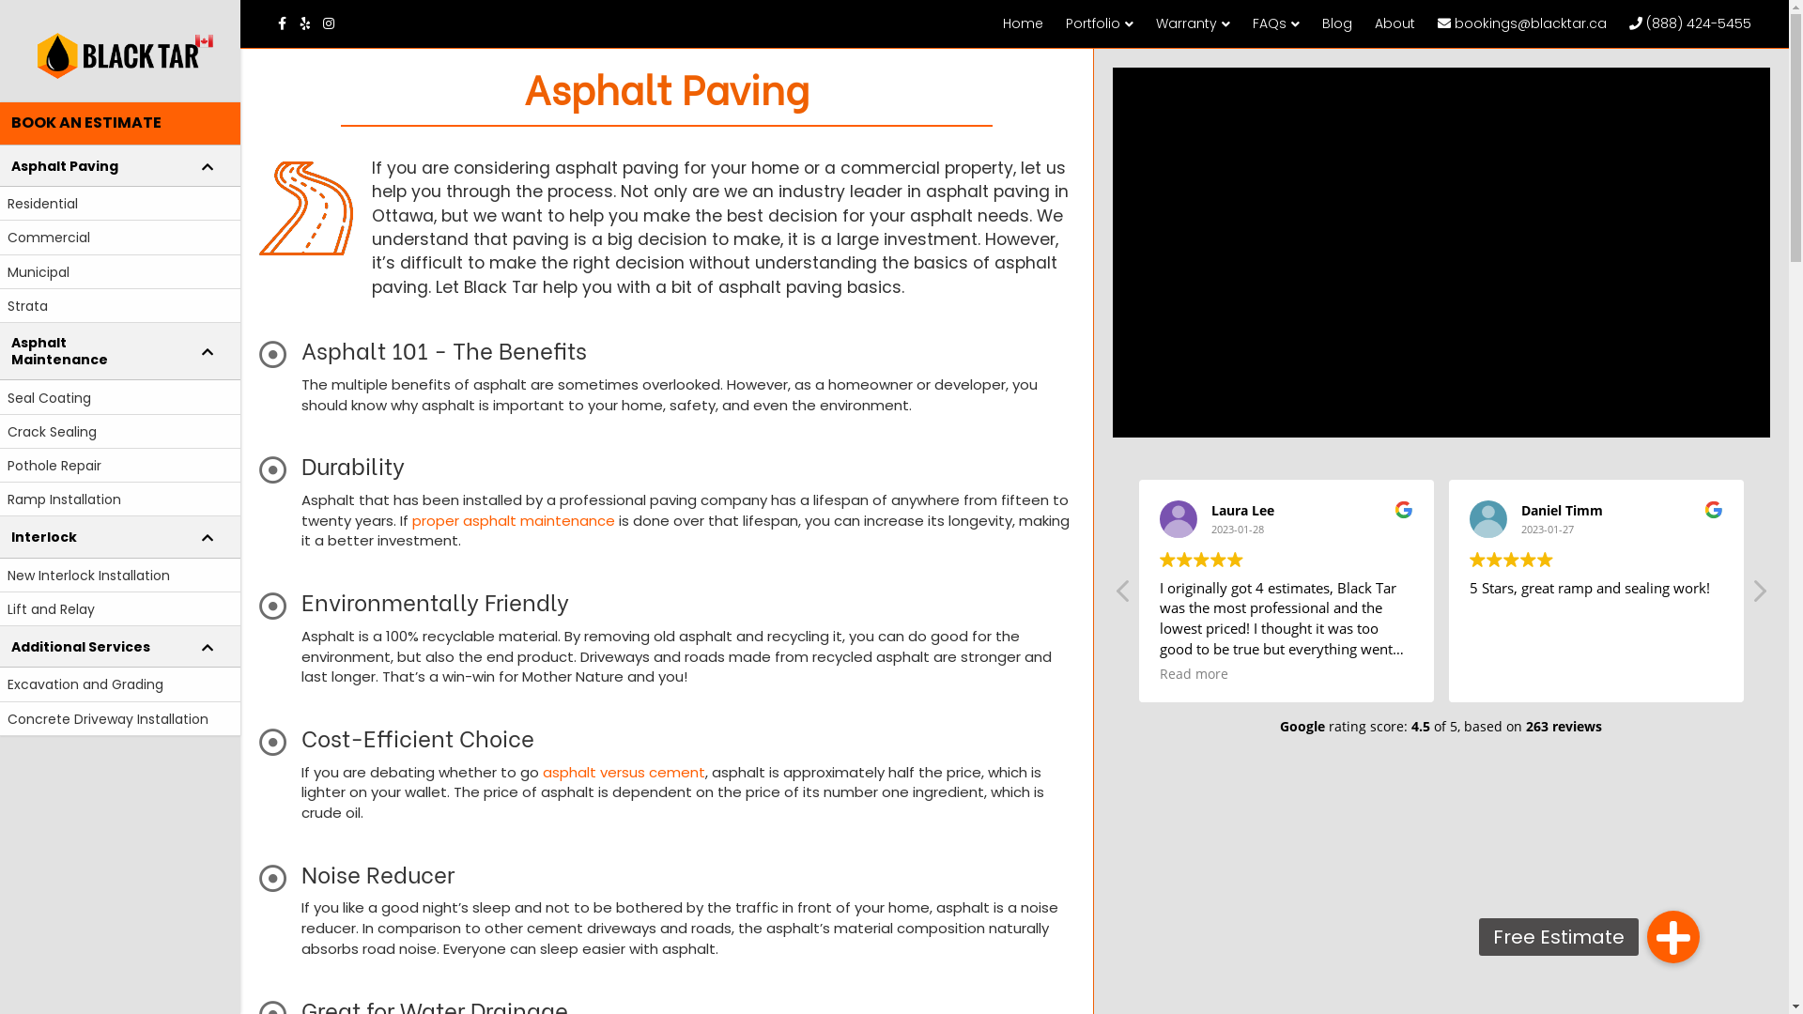 The height and width of the screenshot is (1014, 1803). What do you see at coordinates (119, 575) in the screenshot?
I see `'New Interlock Installation'` at bounding box center [119, 575].